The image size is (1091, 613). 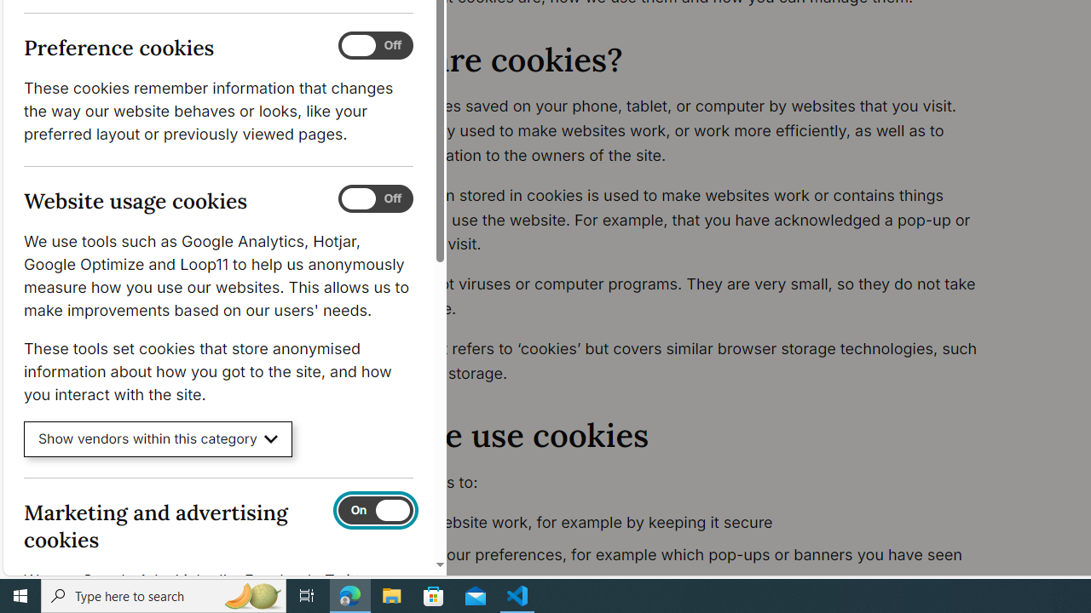 What do you see at coordinates (374, 509) in the screenshot?
I see `'Marketing and advertising cookies'` at bounding box center [374, 509].